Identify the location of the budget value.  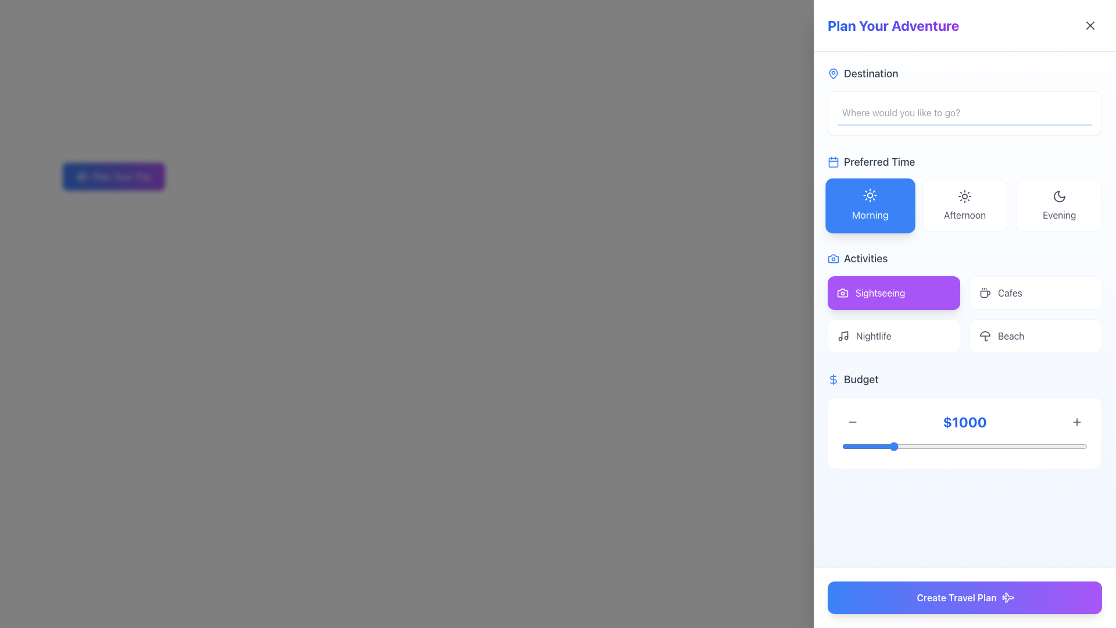
(984, 445).